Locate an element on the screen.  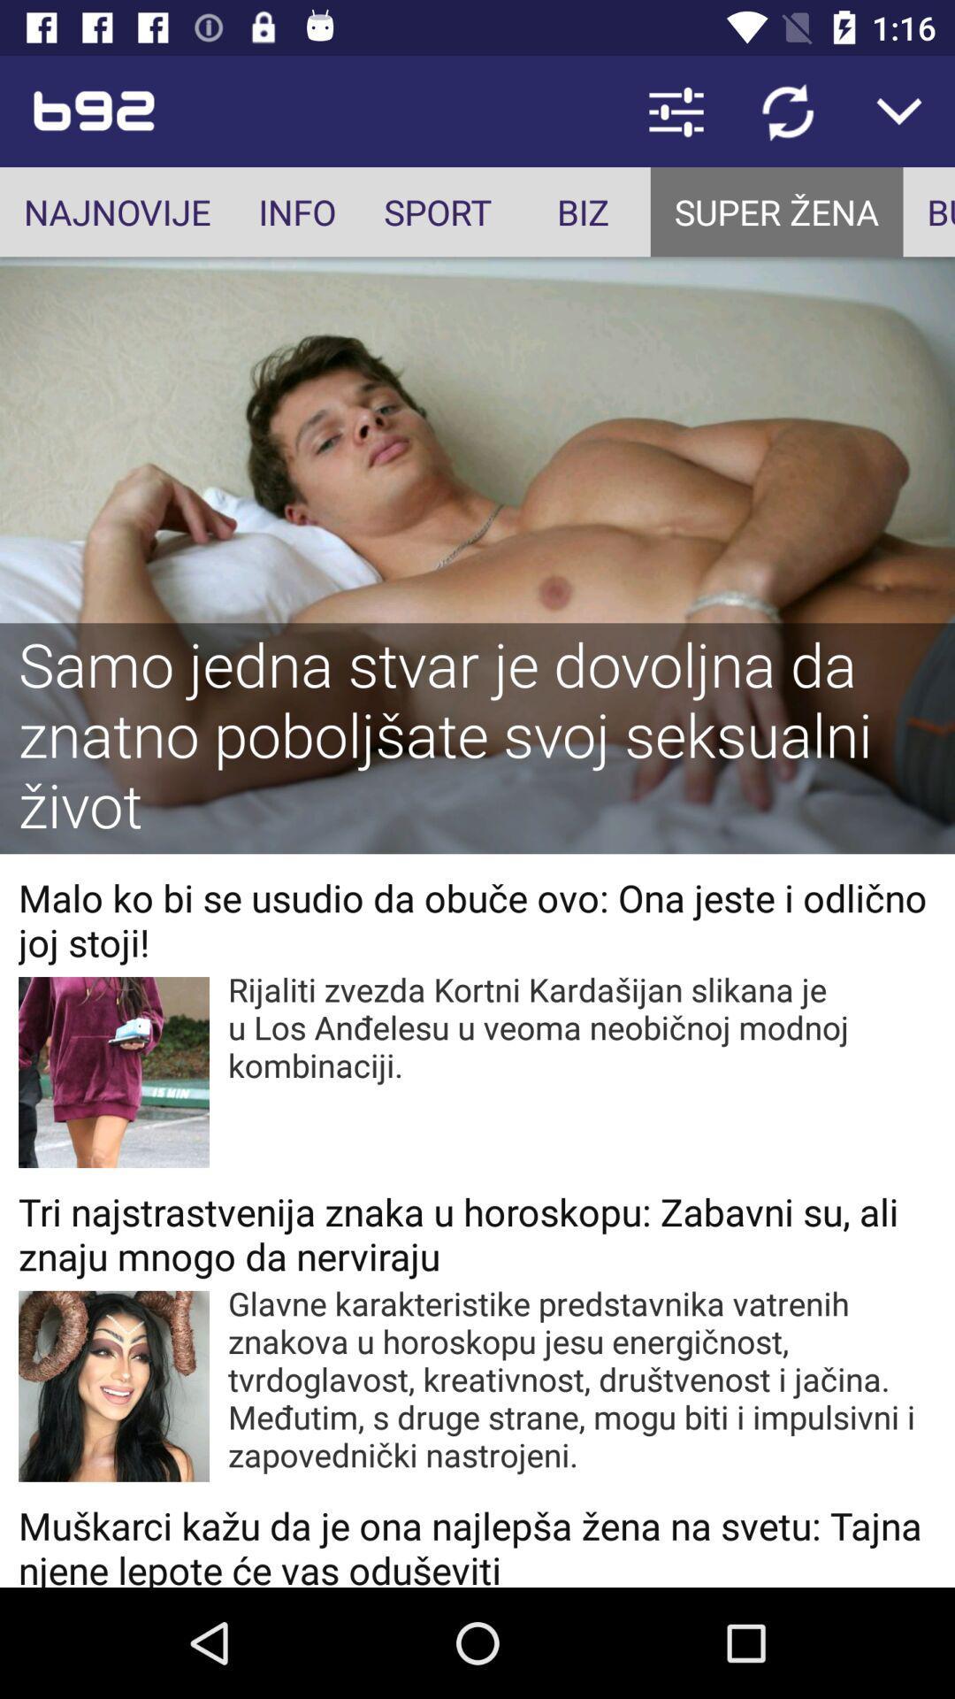
tri najstrastvenija znaka item is located at coordinates (477, 1233).